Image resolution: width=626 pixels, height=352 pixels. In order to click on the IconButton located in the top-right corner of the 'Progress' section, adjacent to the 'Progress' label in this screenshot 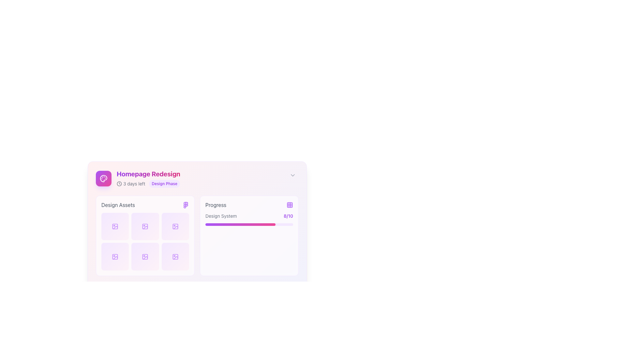, I will do `click(289, 204)`.